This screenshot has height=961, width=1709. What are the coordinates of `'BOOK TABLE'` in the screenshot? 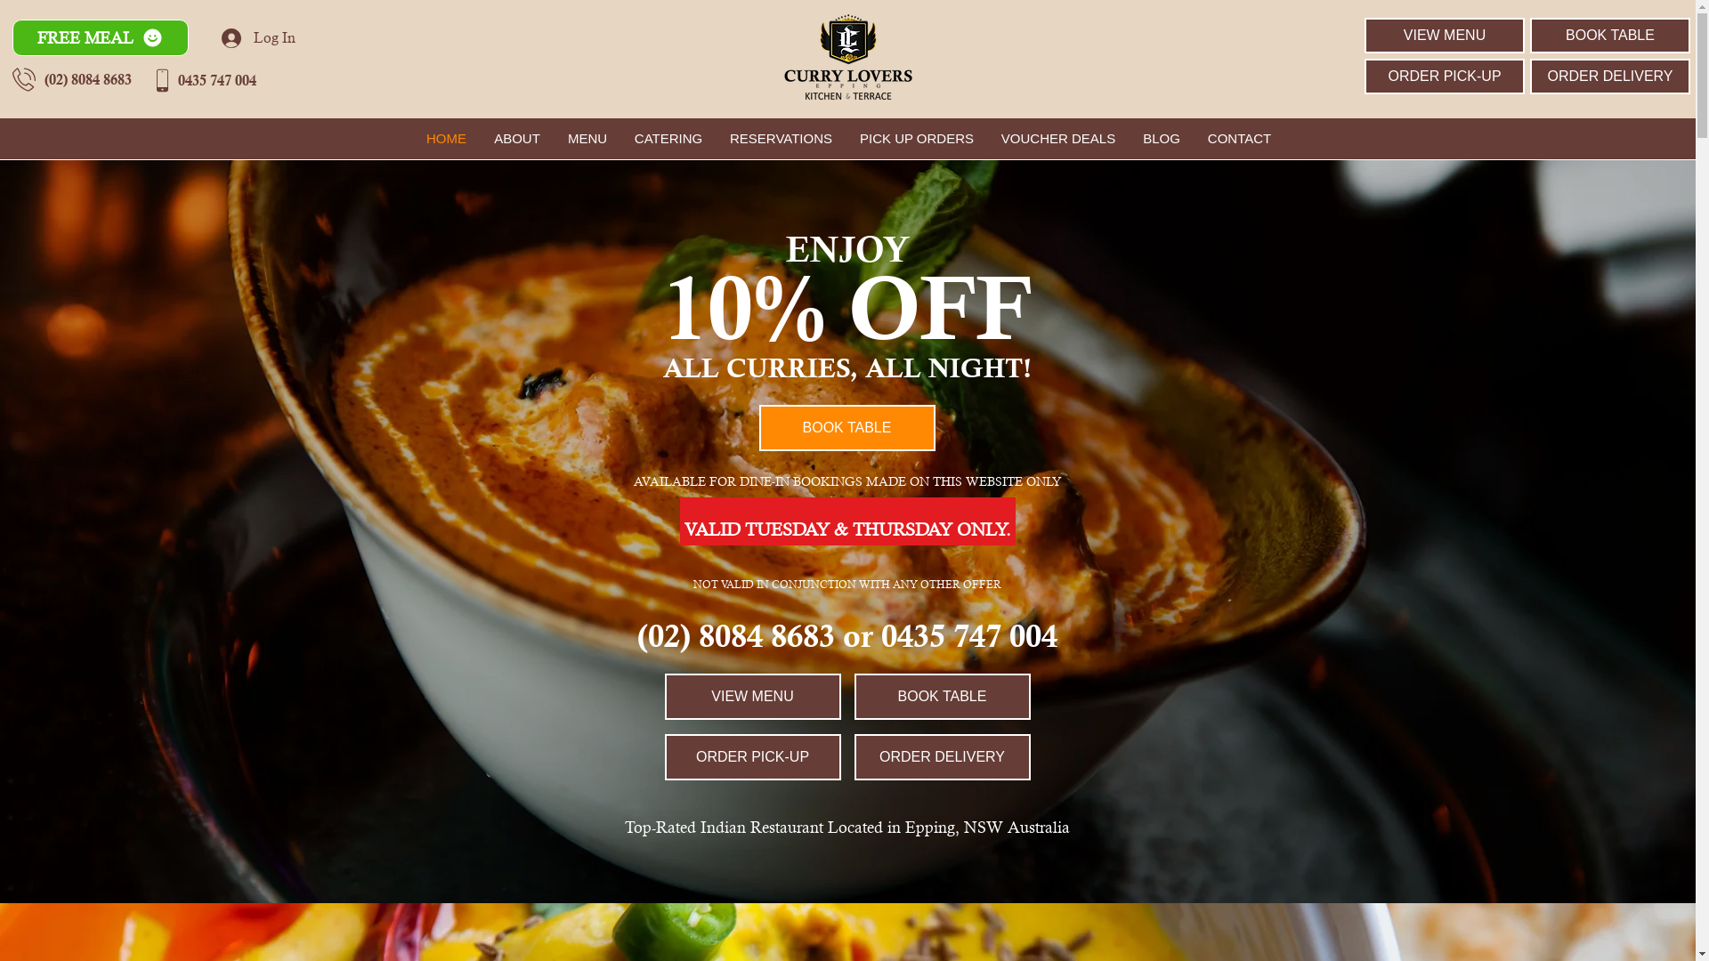 It's located at (1610, 35).